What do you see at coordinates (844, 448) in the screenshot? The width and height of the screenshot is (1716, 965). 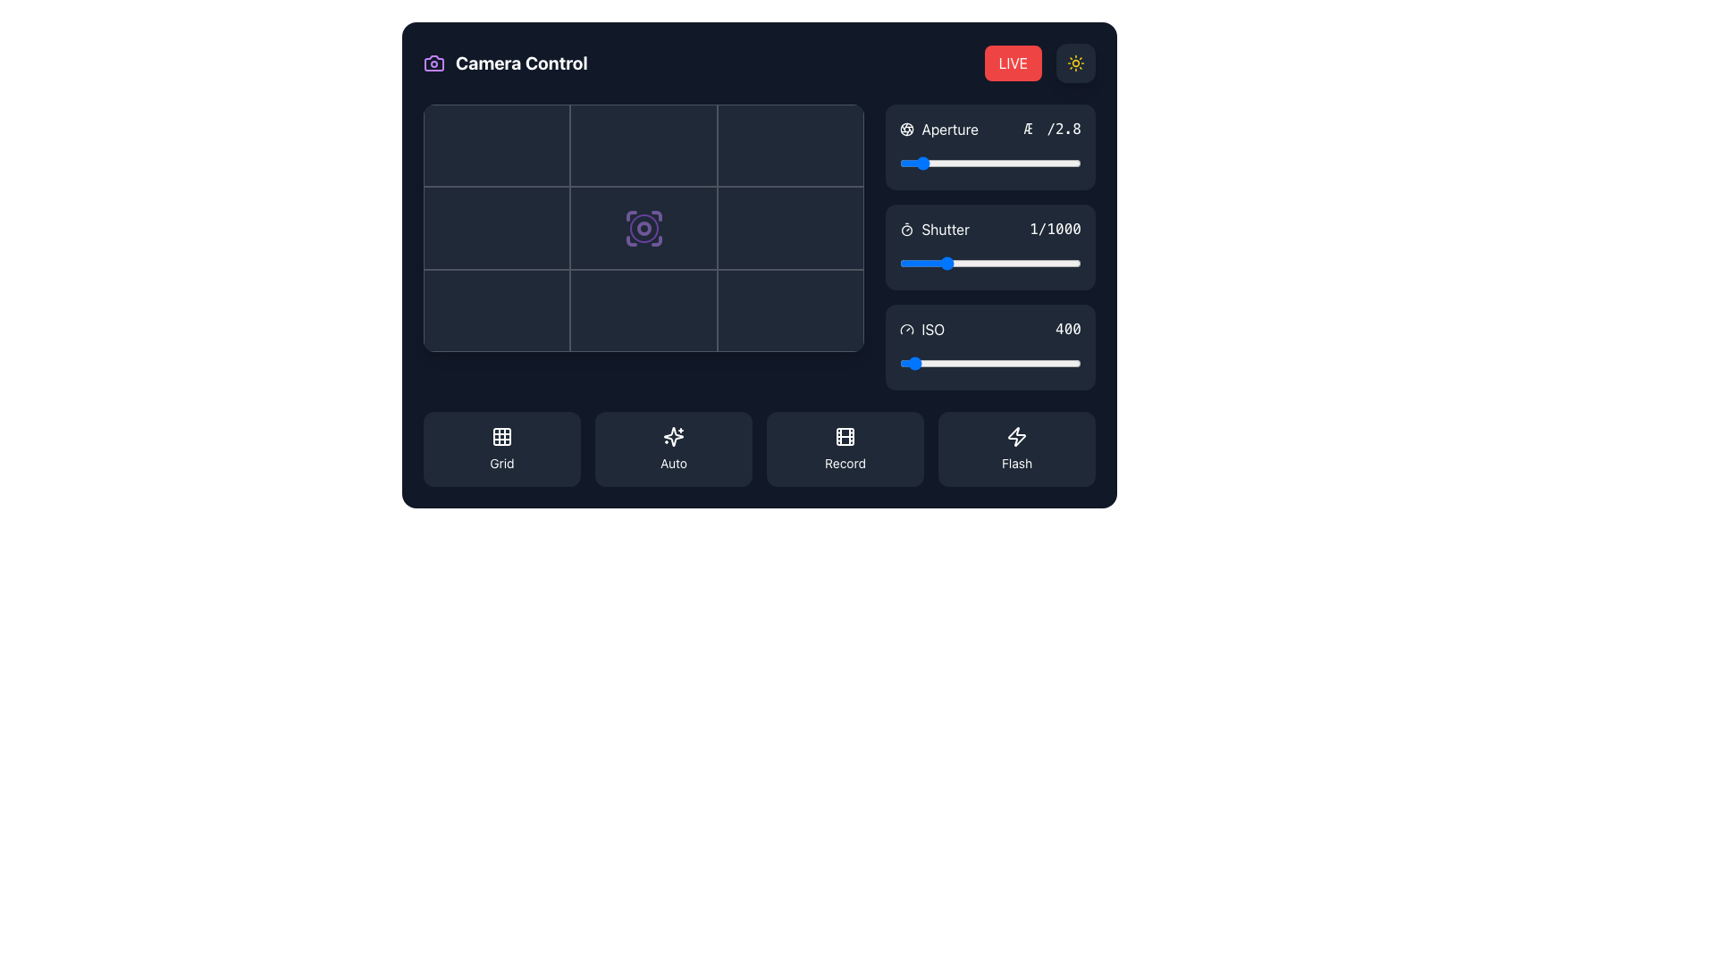 I see `the 'Record' button, which has a dark gray background and a film strip icon above the text` at bounding box center [844, 448].